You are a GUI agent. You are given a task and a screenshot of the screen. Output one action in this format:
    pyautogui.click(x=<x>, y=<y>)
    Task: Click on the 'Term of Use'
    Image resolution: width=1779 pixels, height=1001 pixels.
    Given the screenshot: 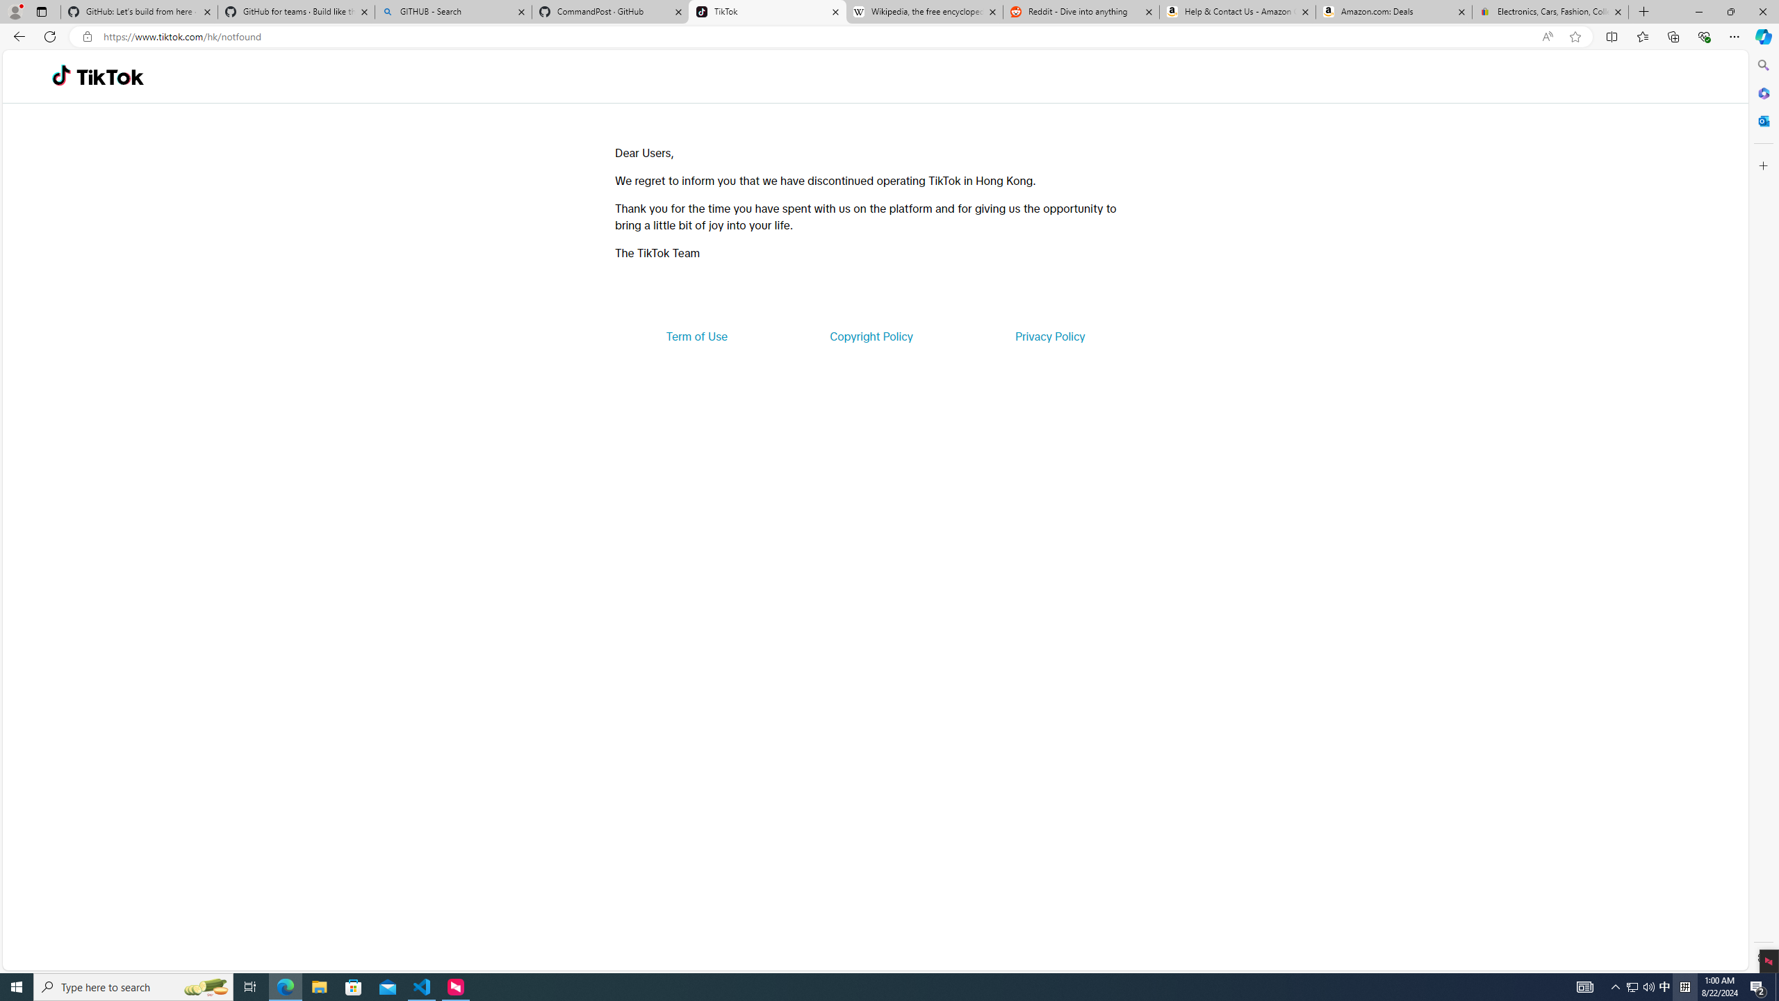 What is the action you would take?
    pyautogui.click(x=696, y=335)
    